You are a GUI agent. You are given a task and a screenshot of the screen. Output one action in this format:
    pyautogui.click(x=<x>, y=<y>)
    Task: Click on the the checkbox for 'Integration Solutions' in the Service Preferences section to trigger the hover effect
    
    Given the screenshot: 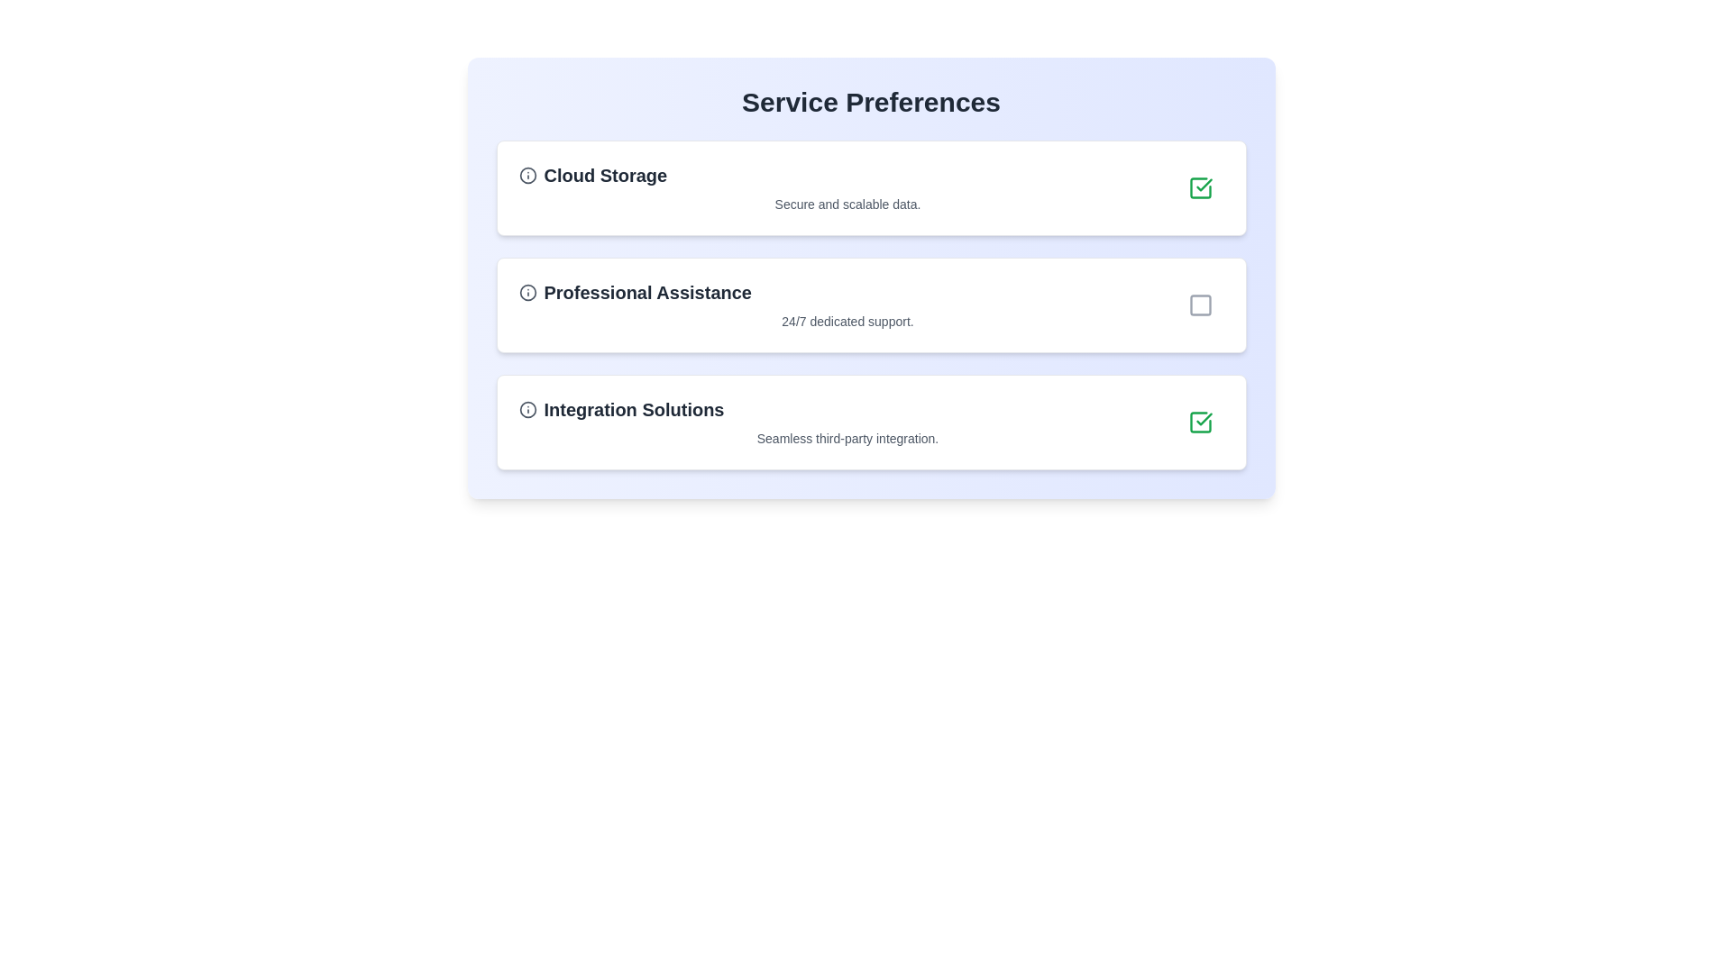 What is the action you would take?
    pyautogui.click(x=1200, y=423)
    